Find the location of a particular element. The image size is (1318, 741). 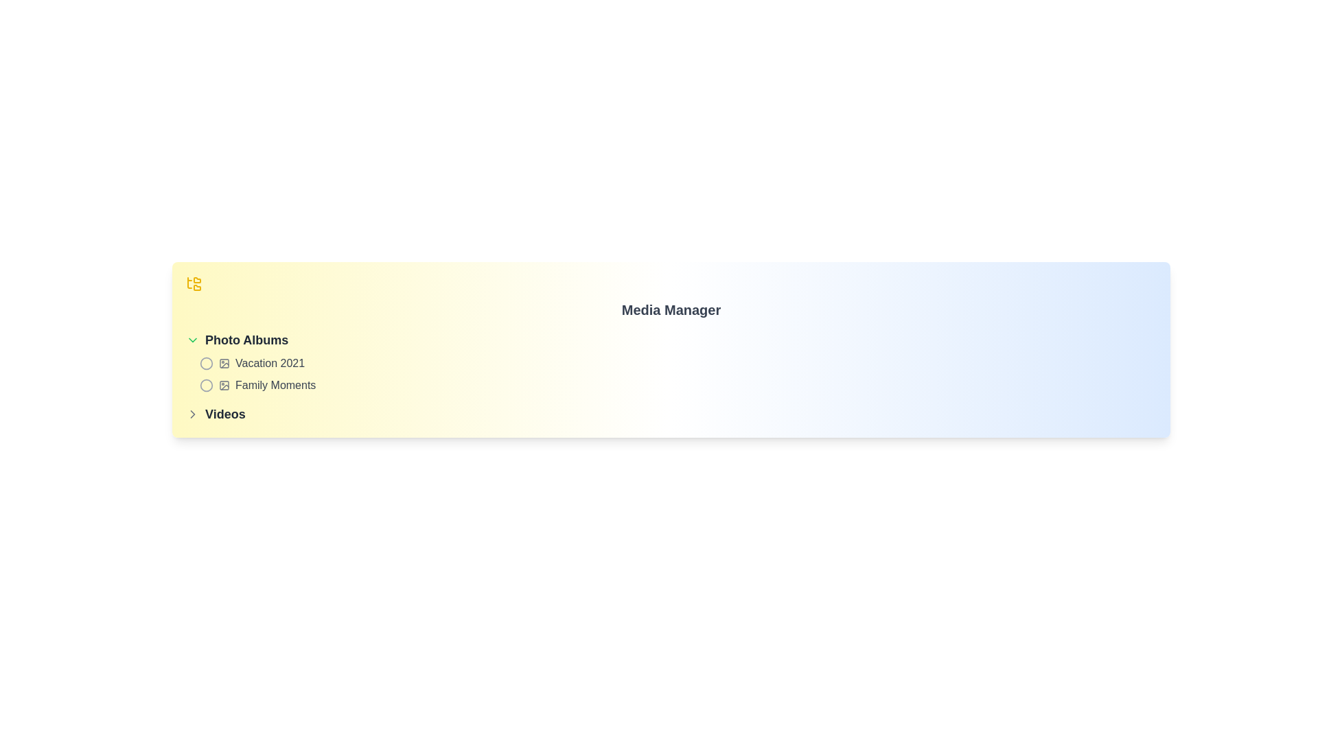

the text label representing the photo album titled 'Vacation 2021' in the 'Photo Albums' section of the media management interface is located at coordinates (270, 362).